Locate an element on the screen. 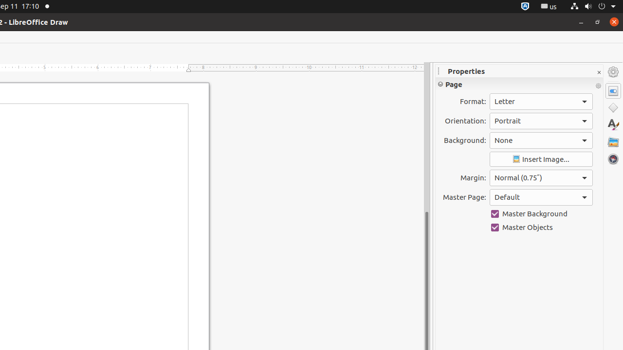  'Navigator' is located at coordinates (613, 158).